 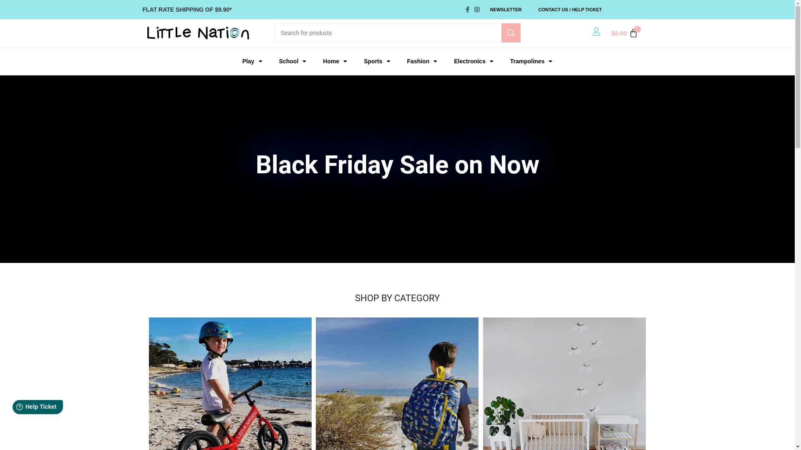 What do you see at coordinates (335, 60) in the screenshot?
I see `'Home'` at bounding box center [335, 60].